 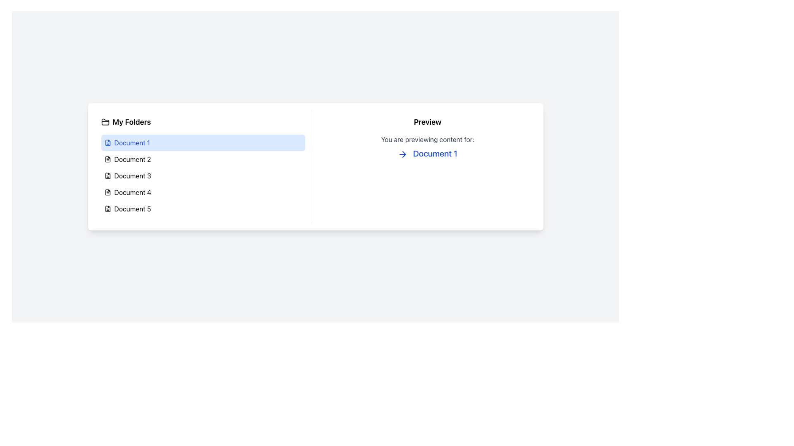 I want to click on the closed document file icon with a right-angled corner, which is the third document labeled 'Document 3' under the 'My Folders' section, so click(x=107, y=175).